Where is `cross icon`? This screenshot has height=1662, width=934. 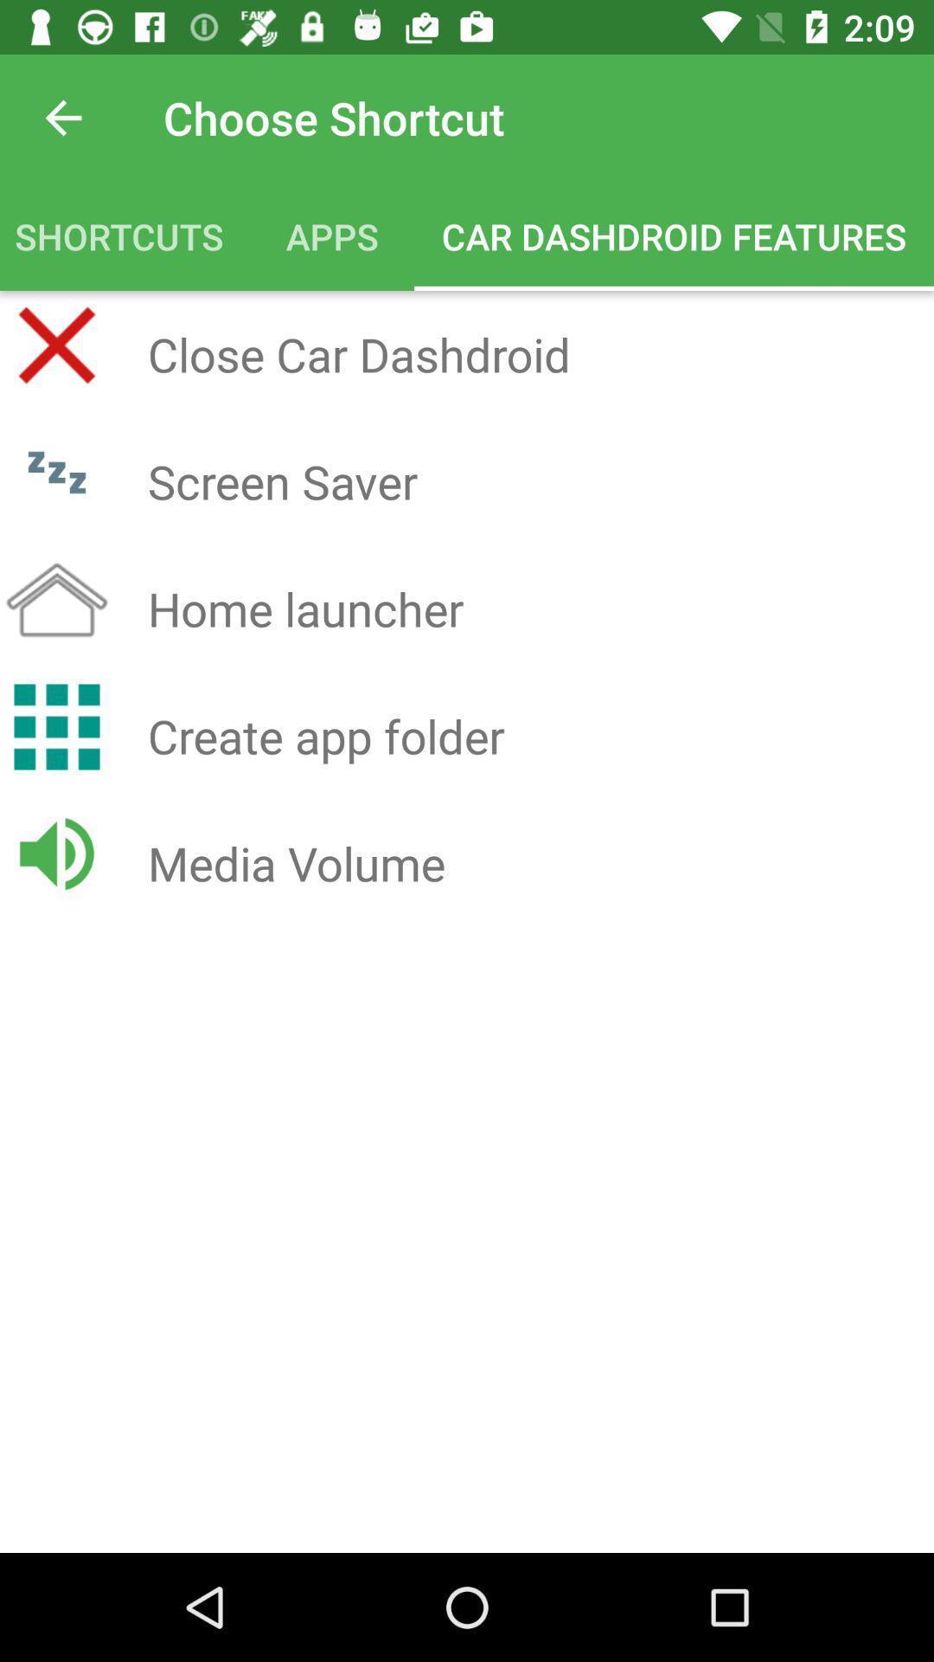
cross icon is located at coordinates (55, 345).